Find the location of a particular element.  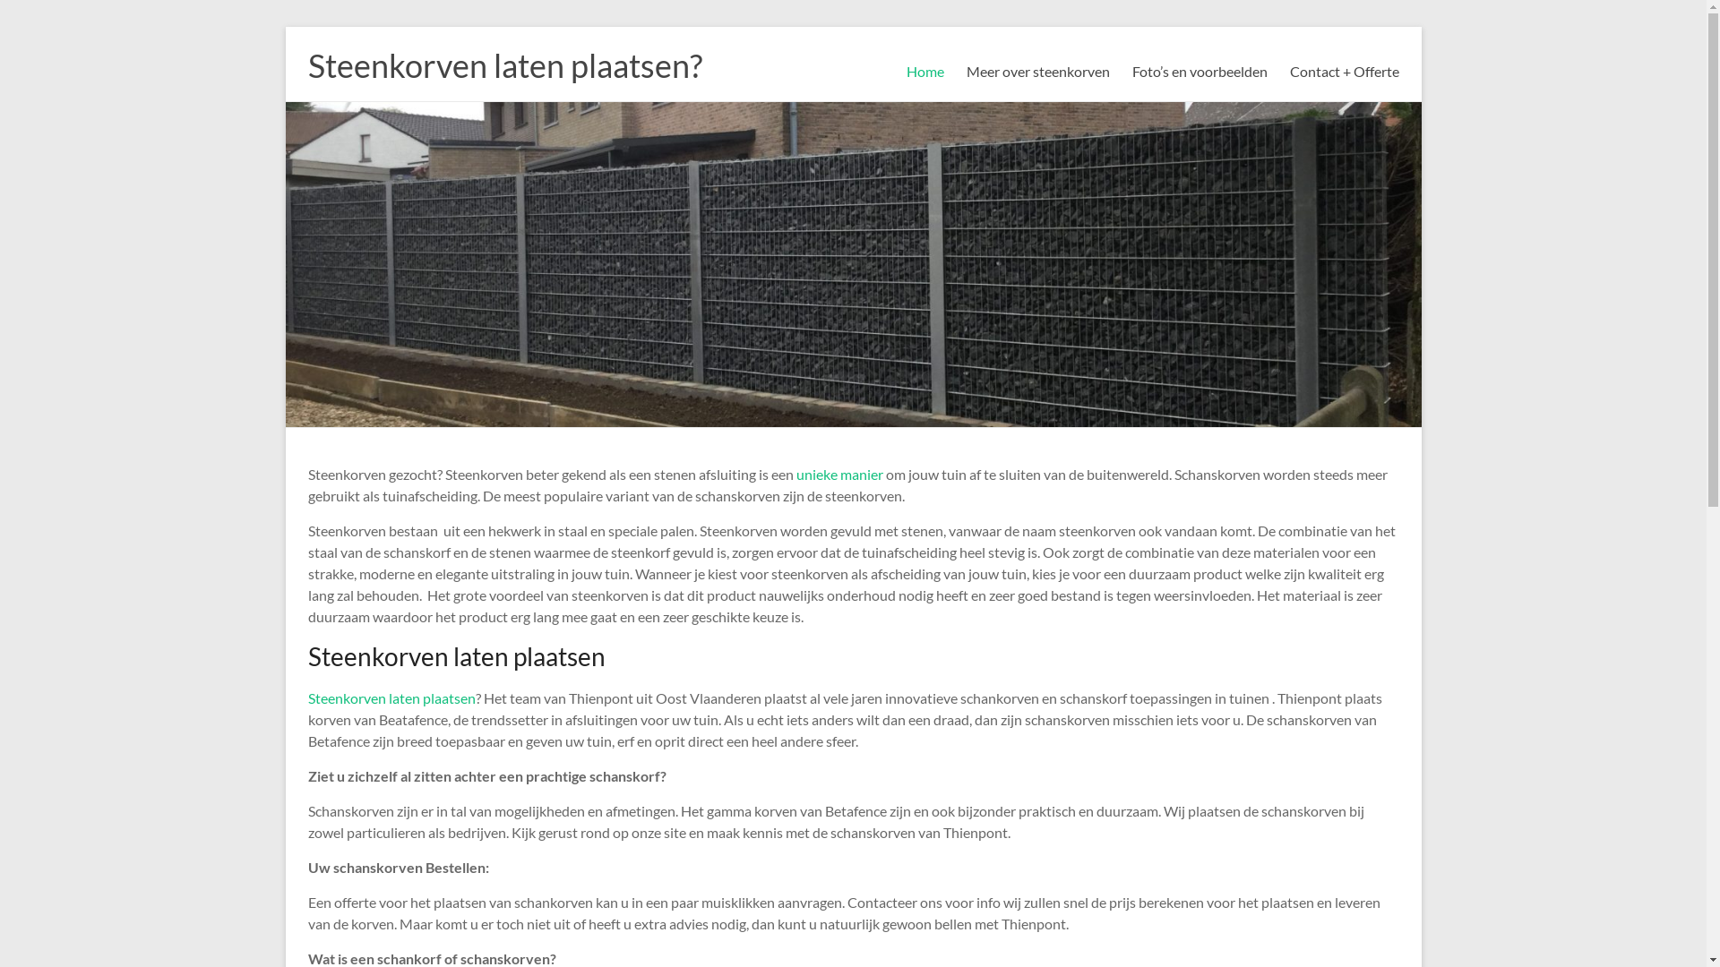

'Contact + Offerte' is located at coordinates (1345, 71).